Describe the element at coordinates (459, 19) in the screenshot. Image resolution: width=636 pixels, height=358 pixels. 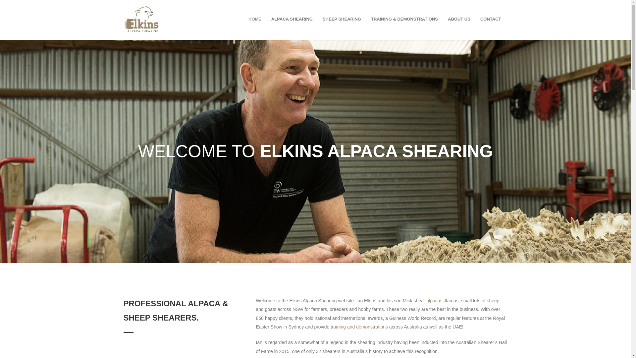
I see `'ABOUT US'` at that location.